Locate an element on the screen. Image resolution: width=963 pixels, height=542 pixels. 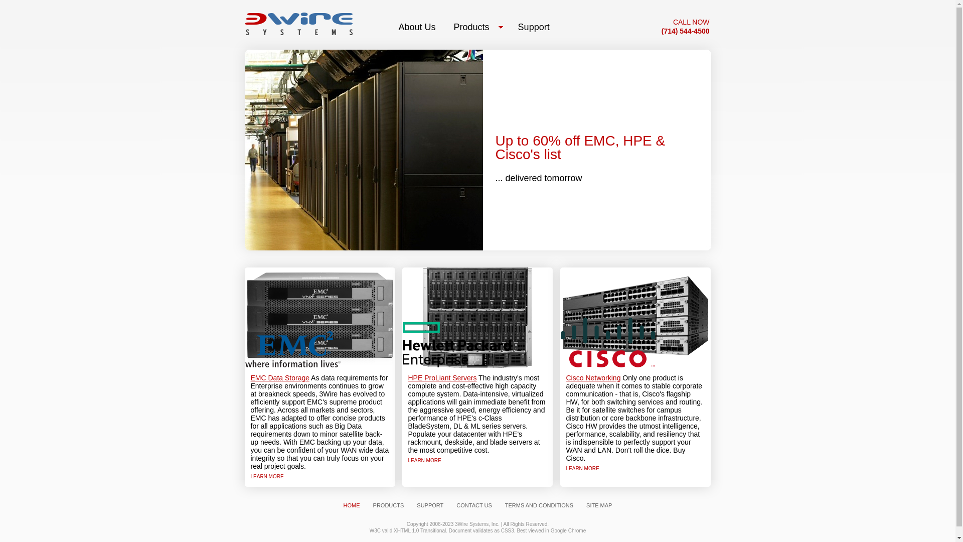
'EMC Data Storage' is located at coordinates (280, 377).